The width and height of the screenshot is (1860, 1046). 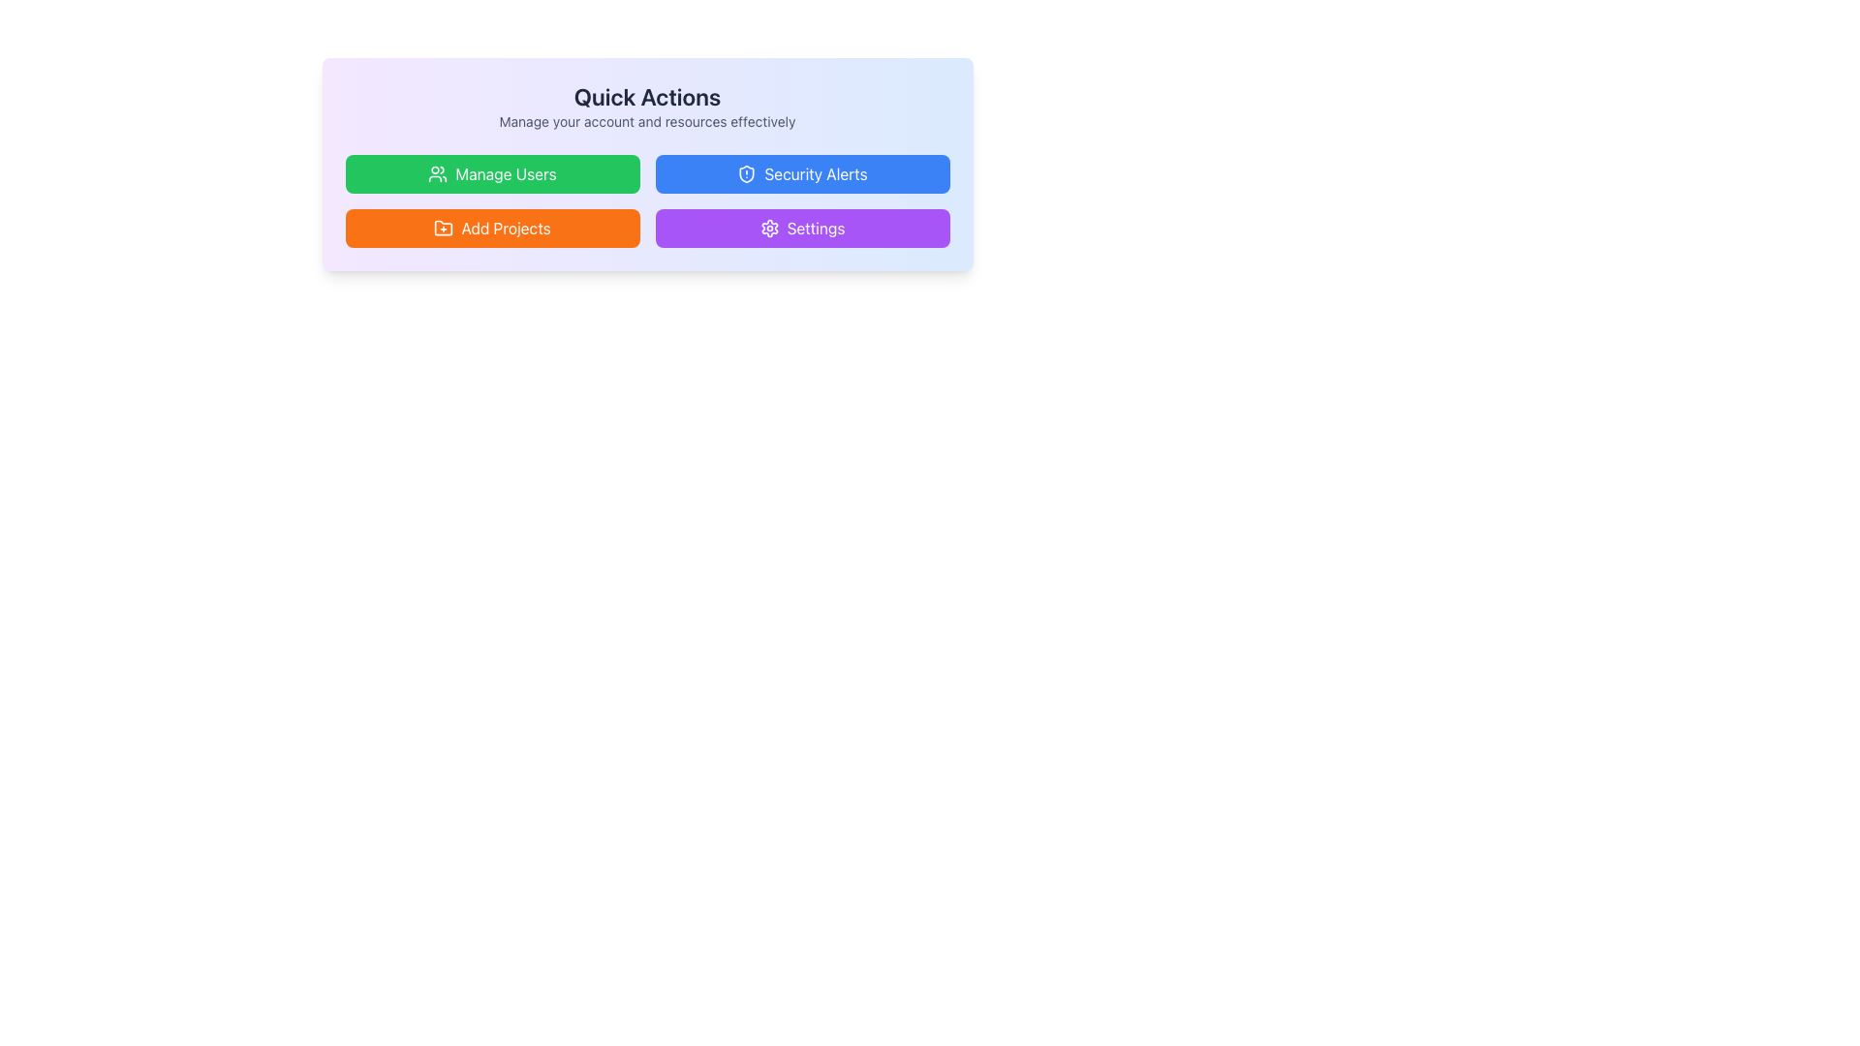 I want to click on the user management icon located to the left of the text in the green 'Manage Users' button, so click(x=437, y=174).